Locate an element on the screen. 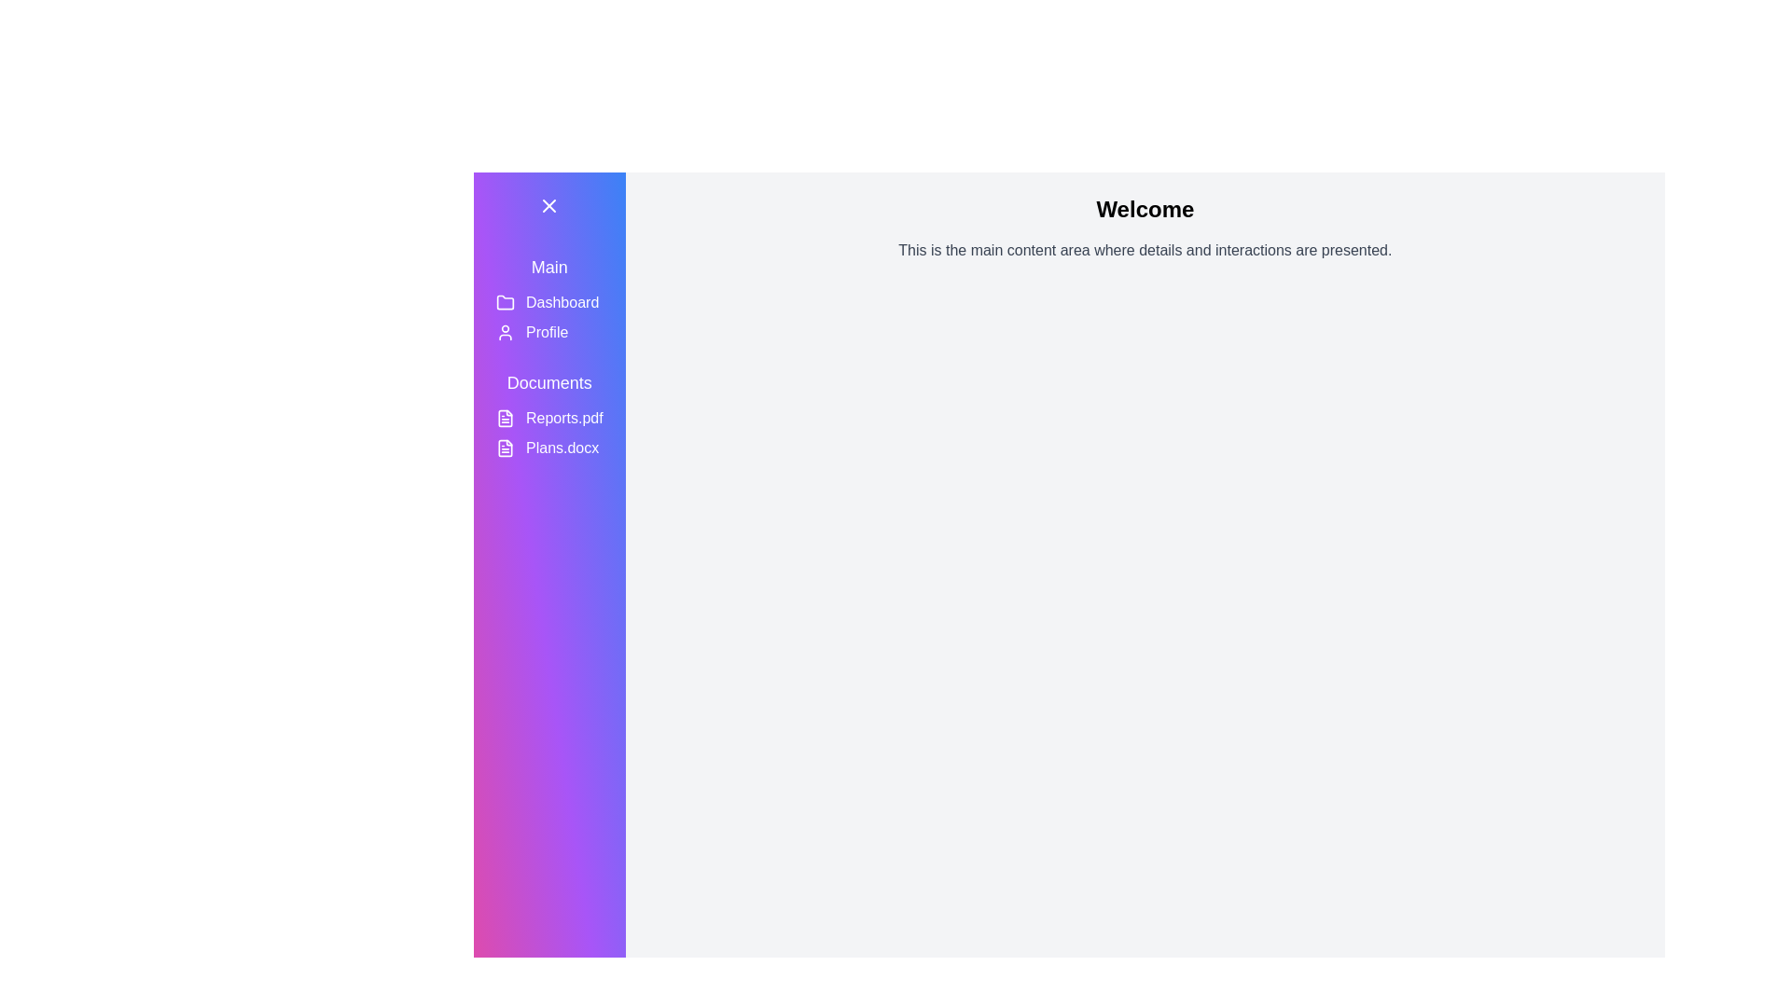 The width and height of the screenshot is (1791, 1007). the 'Main' text label, which is styled with a large font size and located at the top of the sidebar with a gradient background is located at coordinates (548, 267).